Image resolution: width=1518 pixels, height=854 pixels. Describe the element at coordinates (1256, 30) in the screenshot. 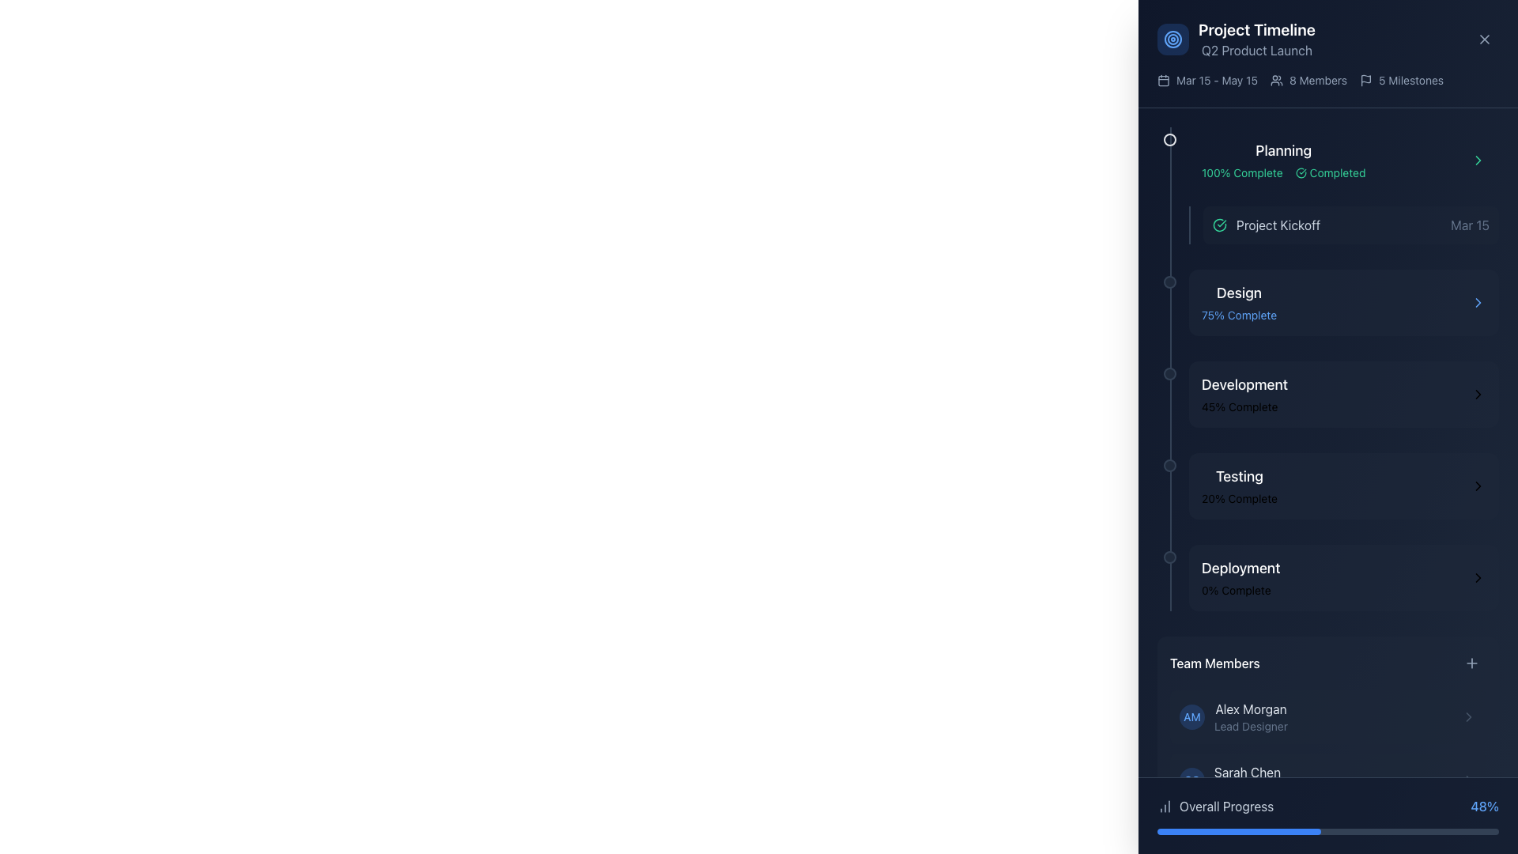

I see `title text of the Text Label located at the top-left corner of the sidebar section, which serves as a visual heading or title for the section` at that location.